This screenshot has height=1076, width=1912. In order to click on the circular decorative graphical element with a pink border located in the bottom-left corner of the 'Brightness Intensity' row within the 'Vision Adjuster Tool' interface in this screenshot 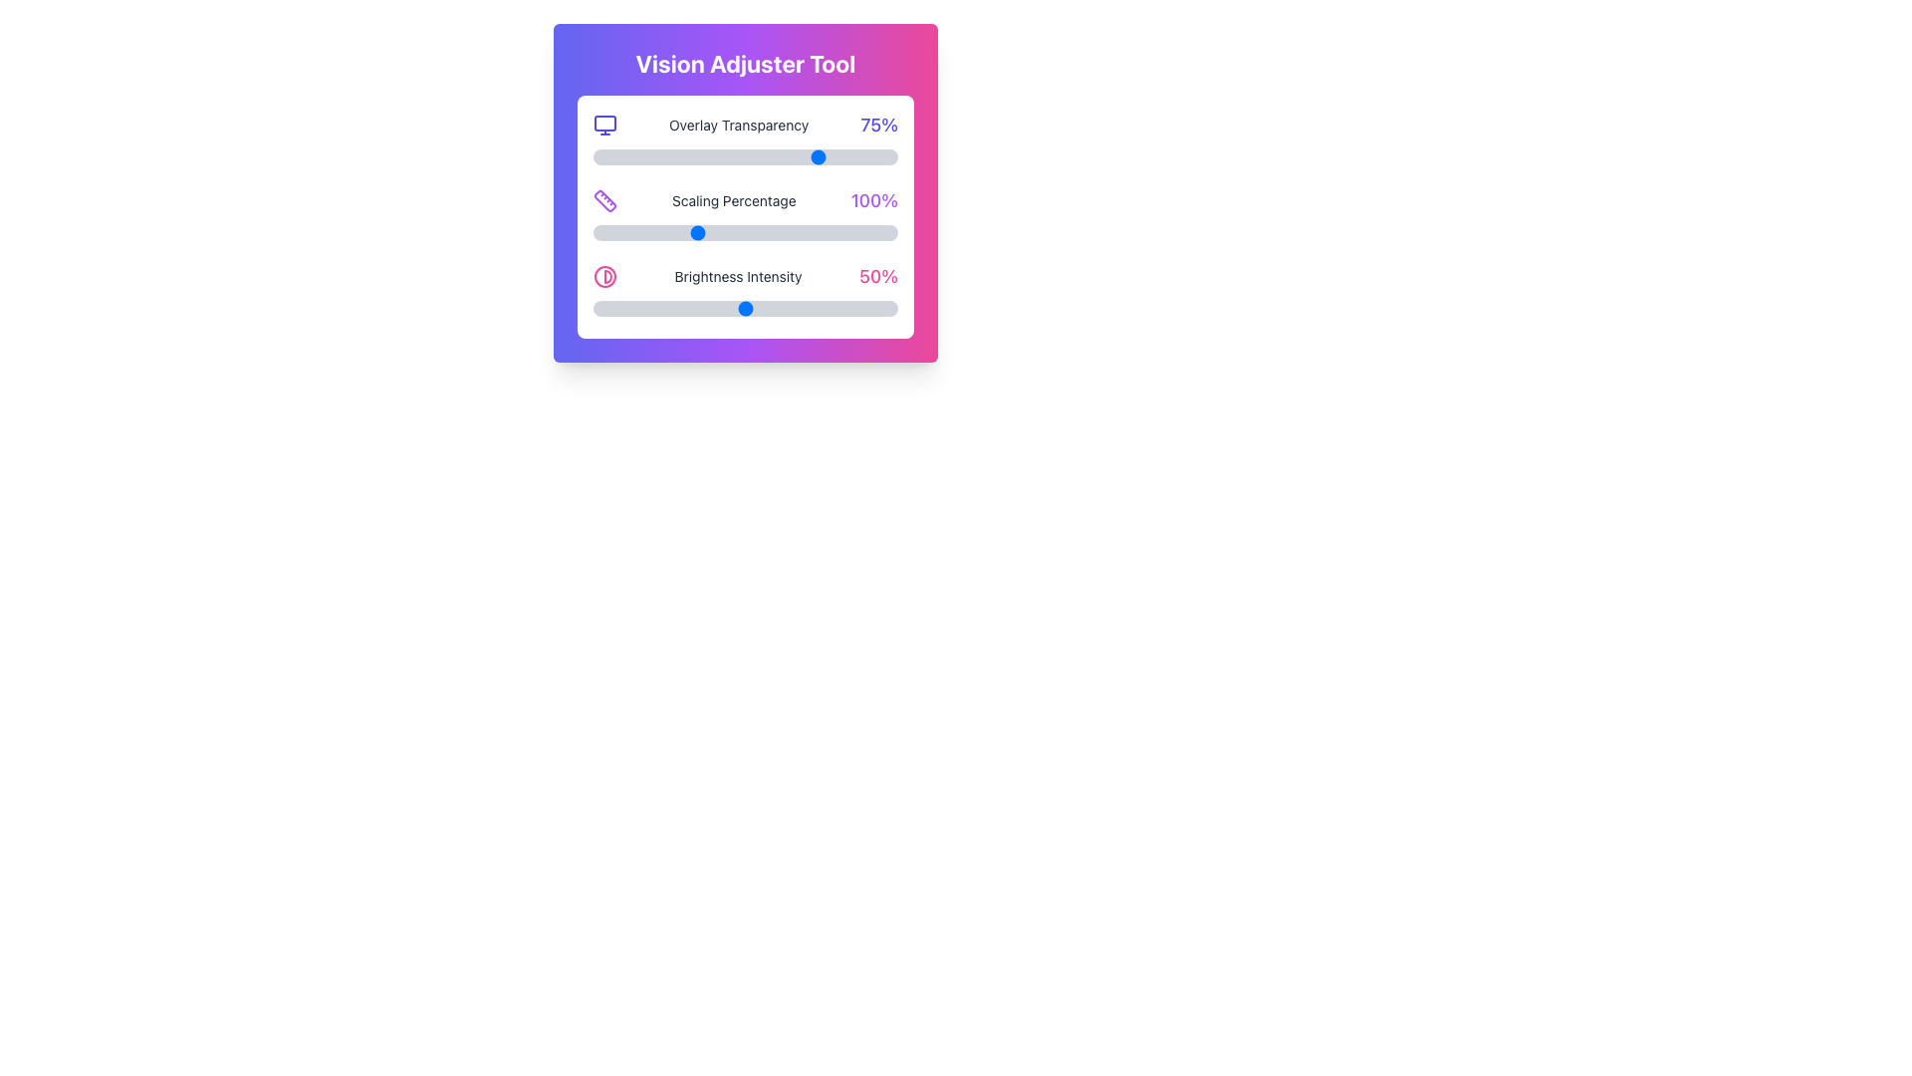, I will do `click(604, 276)`.